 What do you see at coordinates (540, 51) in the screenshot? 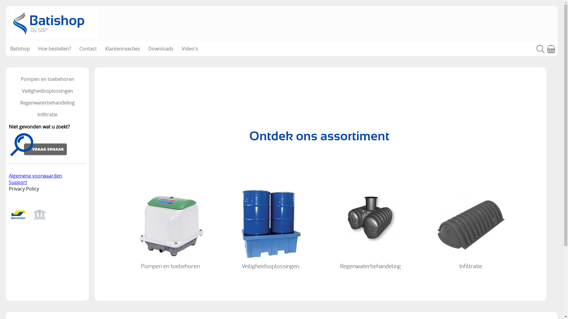
I see `'Zoeken'` at bounding box center [540, 51].